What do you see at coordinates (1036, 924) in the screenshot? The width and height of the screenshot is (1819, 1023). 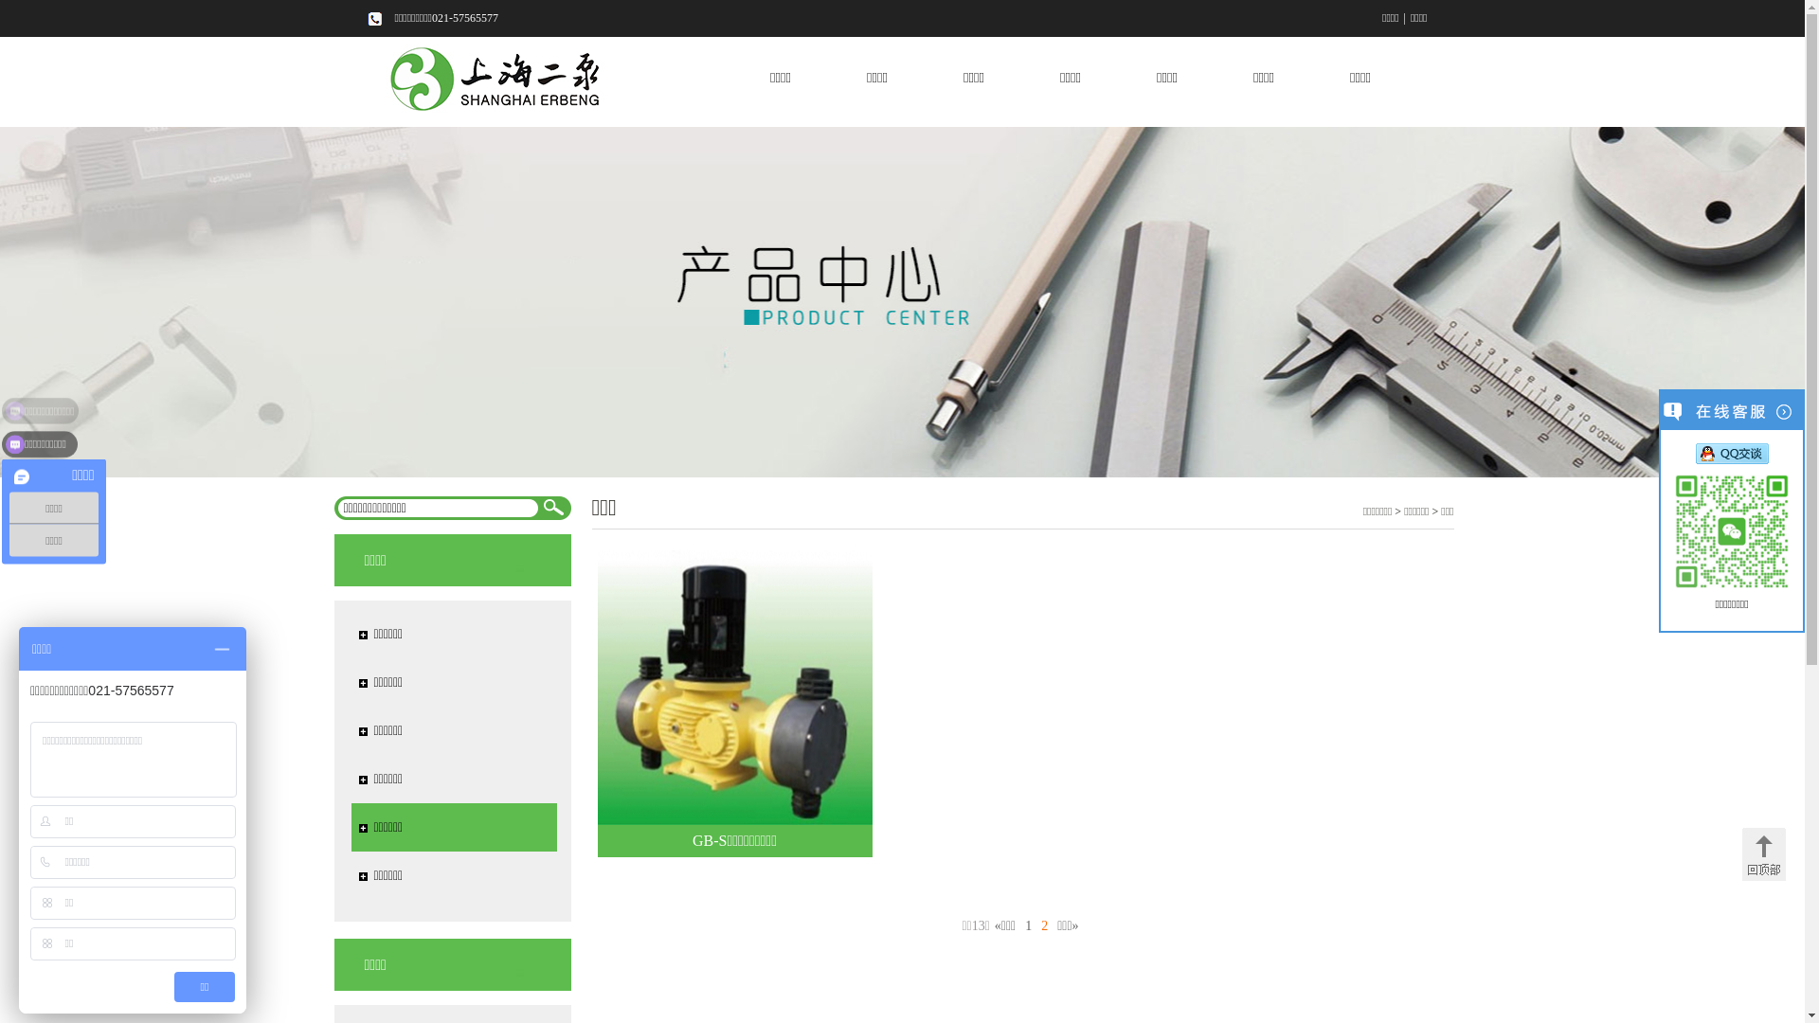 I see `'2'` at bounding box center [1036, 924].